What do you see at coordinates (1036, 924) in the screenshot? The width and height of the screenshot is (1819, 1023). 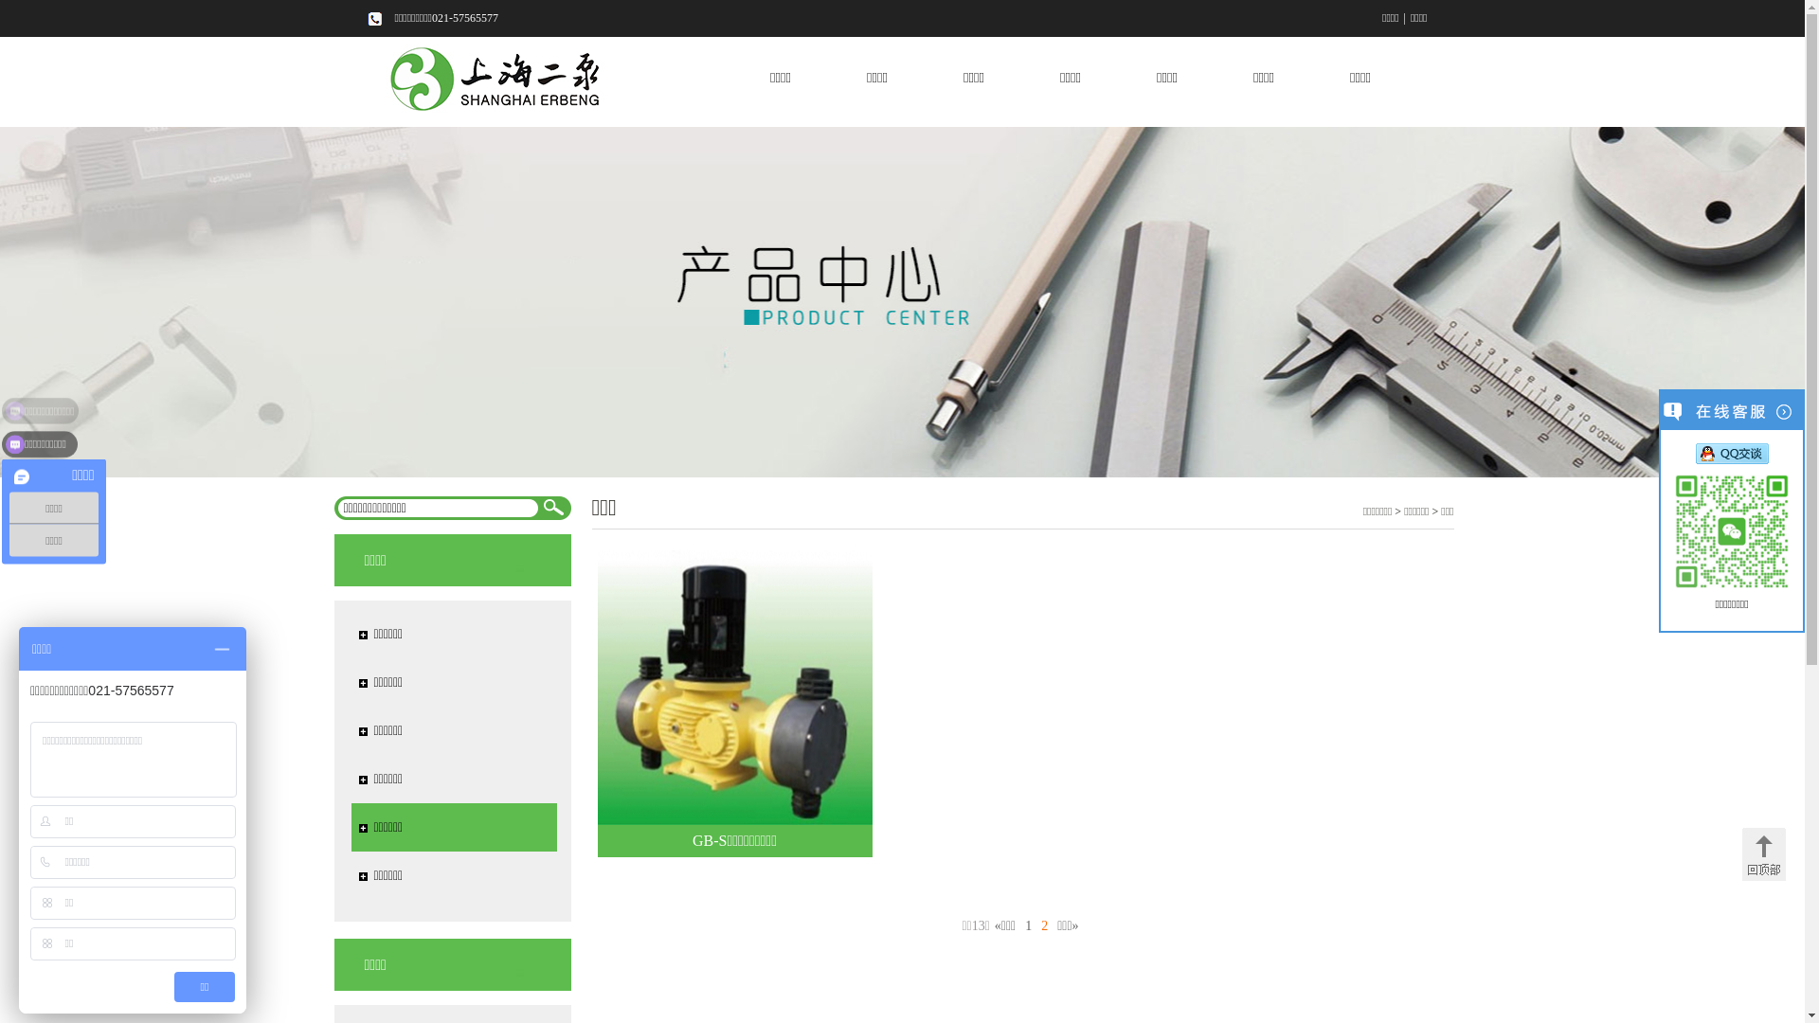 I see `'2'` at bounding box center [1036, 924].